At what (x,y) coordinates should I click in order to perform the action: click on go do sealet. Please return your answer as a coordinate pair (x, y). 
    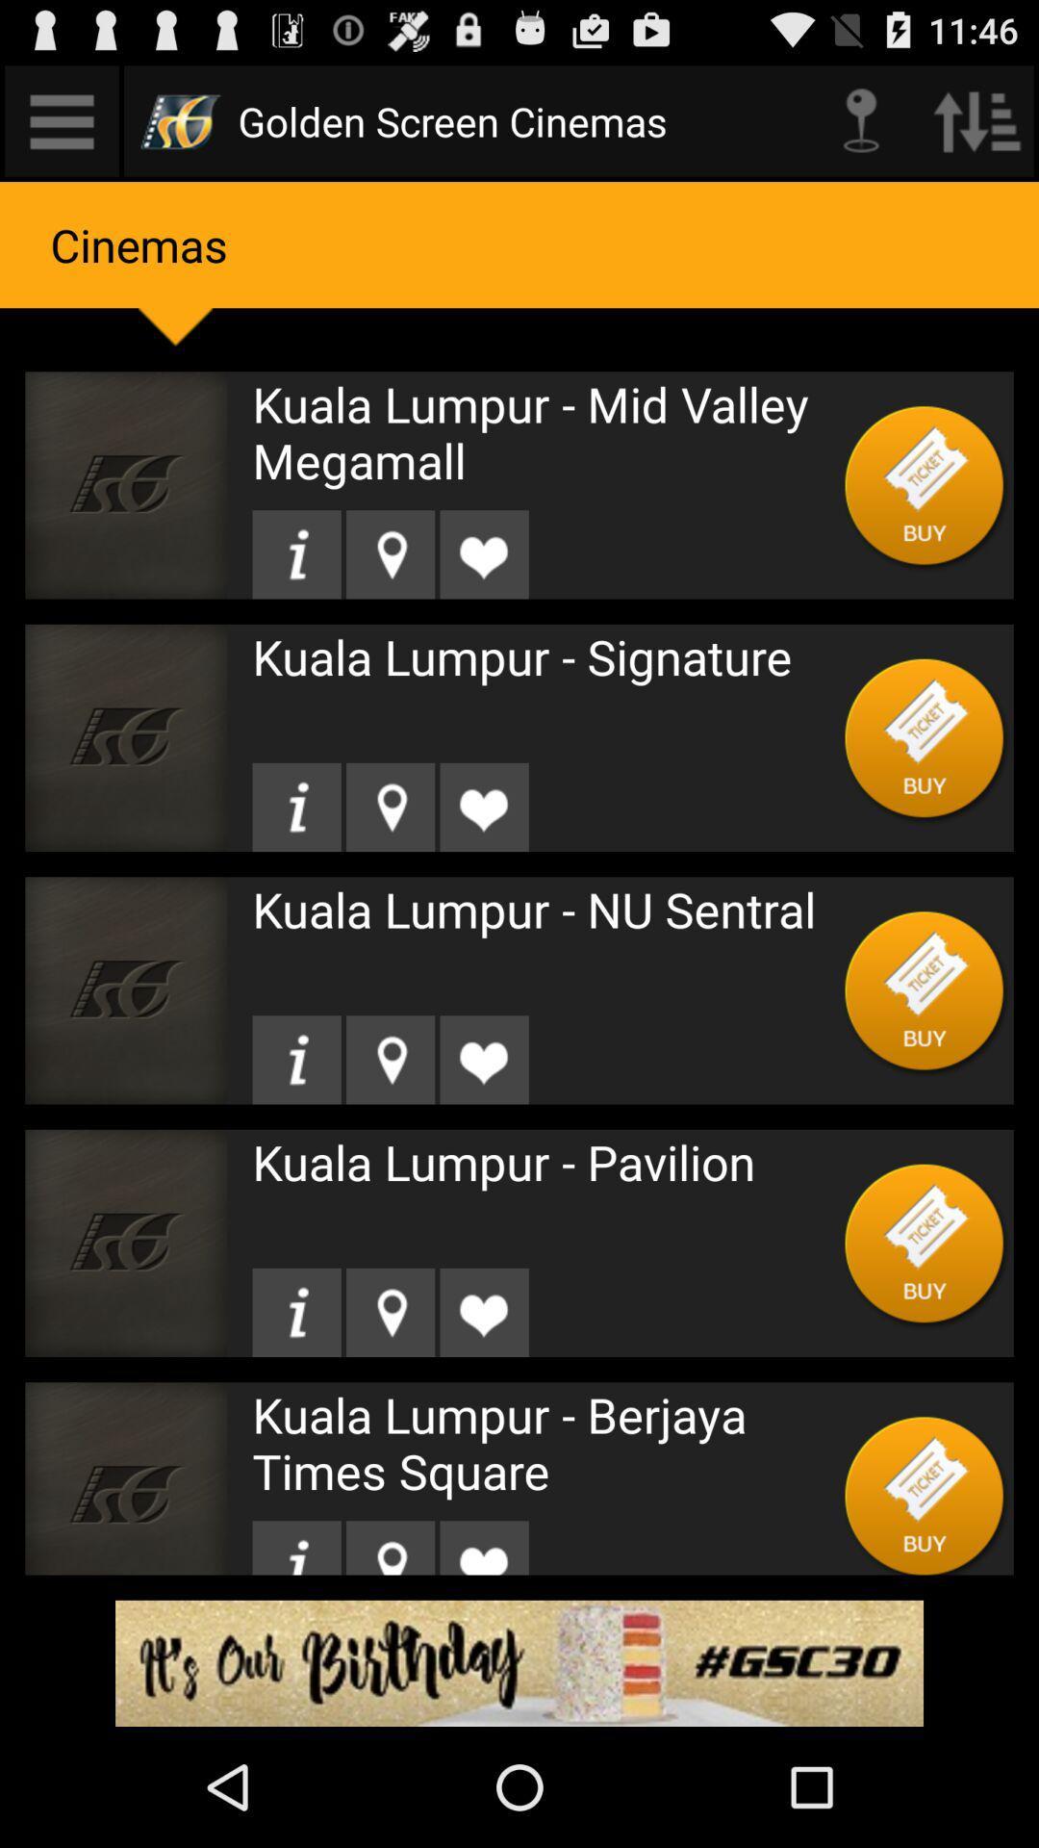
    Looking at the image, I should click on (296, 1548).